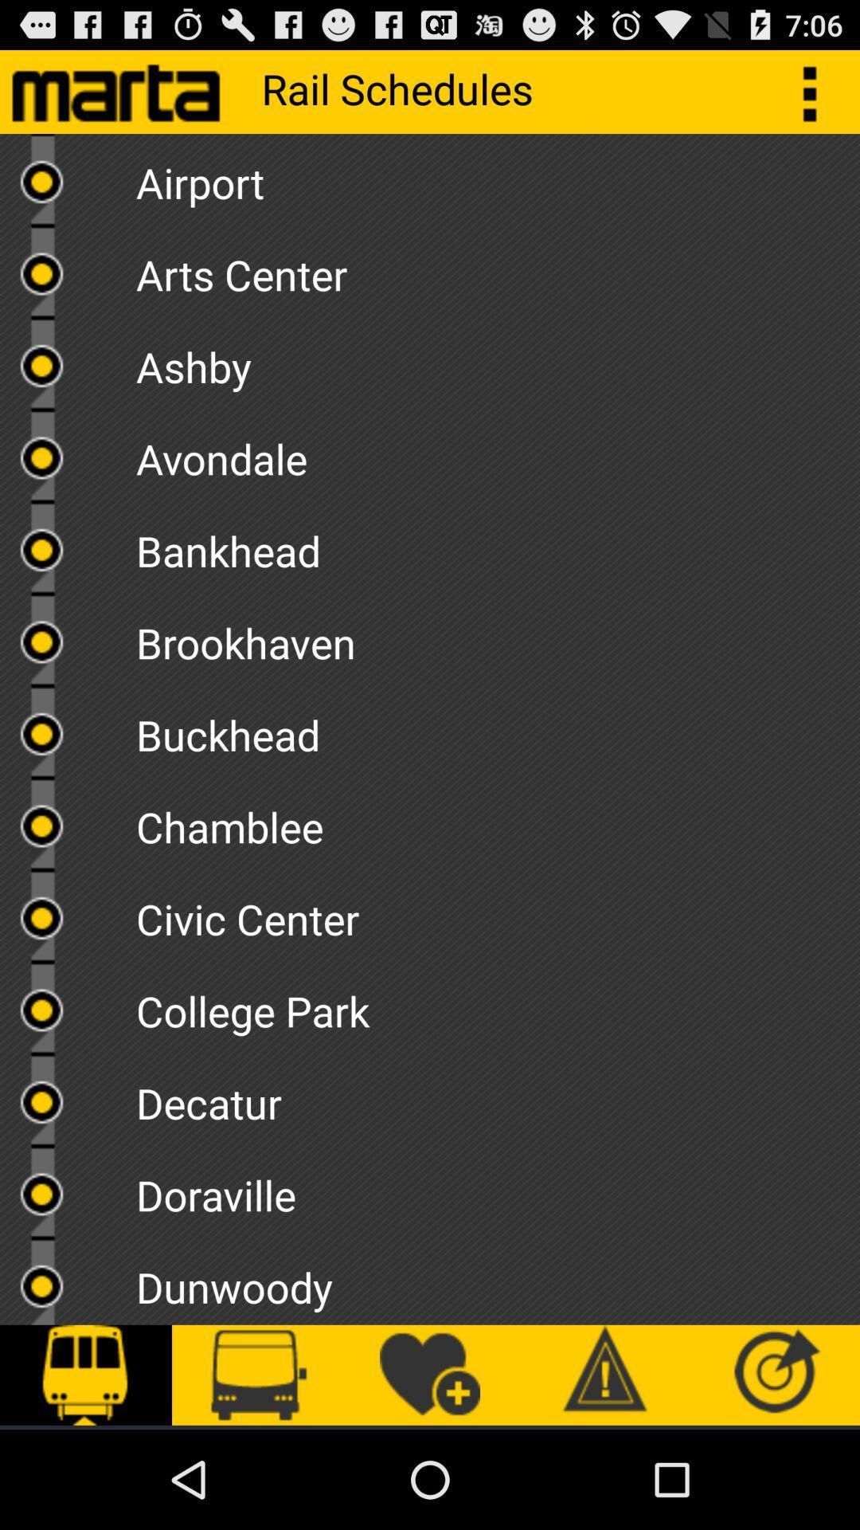 The image size is (860, 1530). What do you see at coordinates (497, 1190) in the screenshot?
I see `icon above the dunwoody item` at bounding box center [497, 1190].